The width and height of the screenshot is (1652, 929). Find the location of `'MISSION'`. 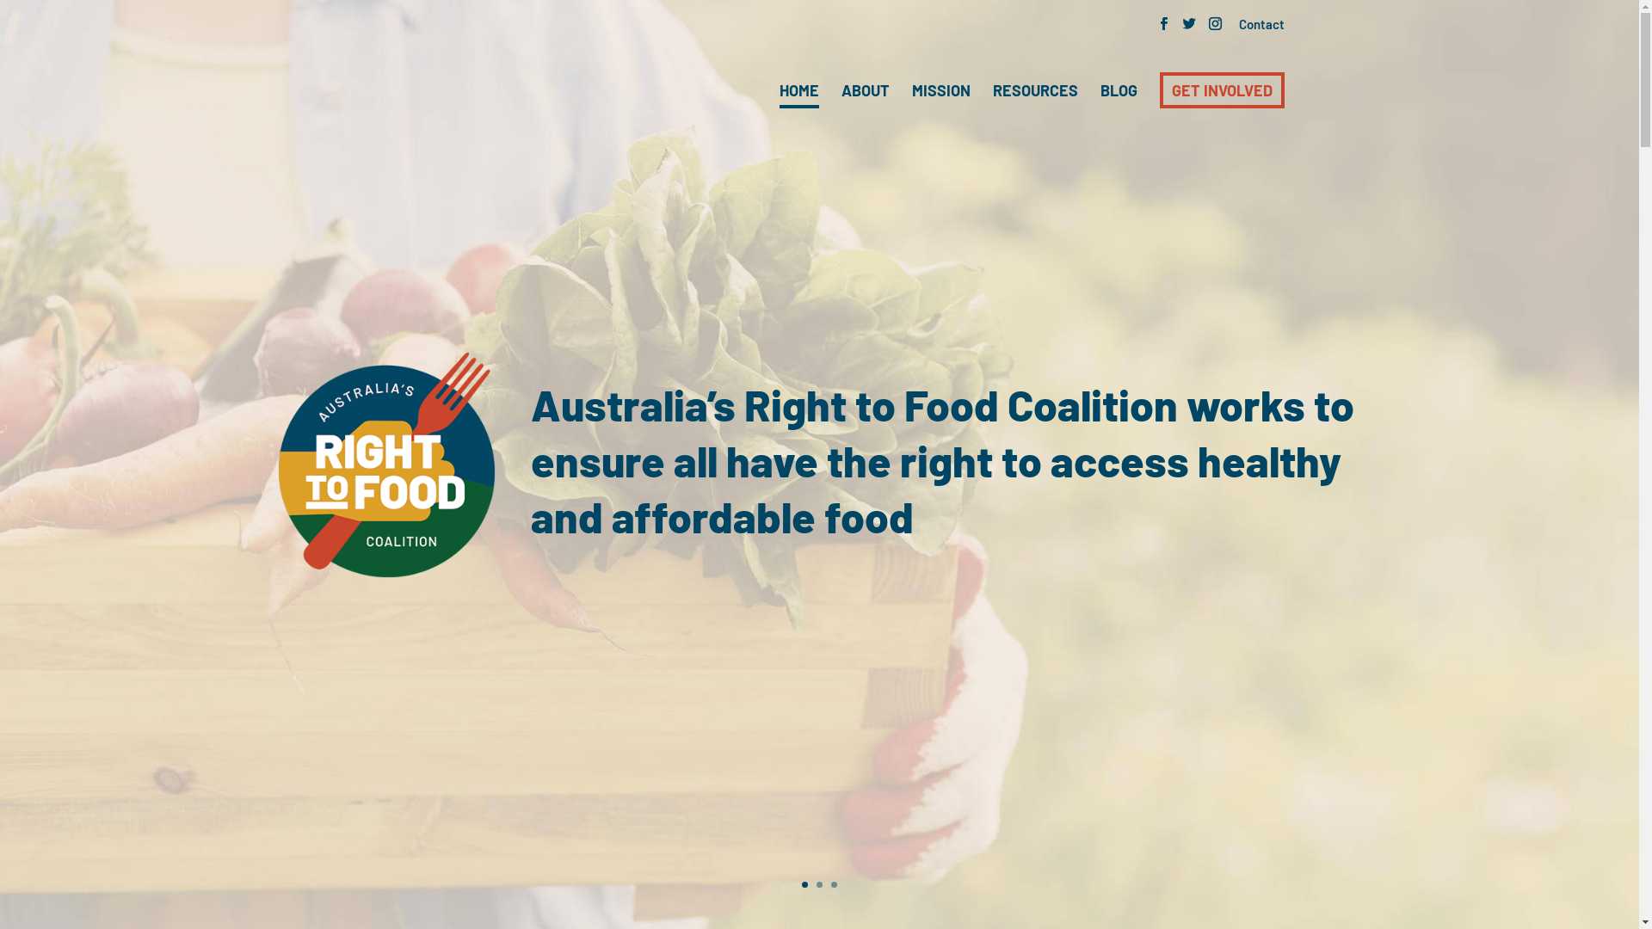

'MISSION' is located at coordinates (940, 90).